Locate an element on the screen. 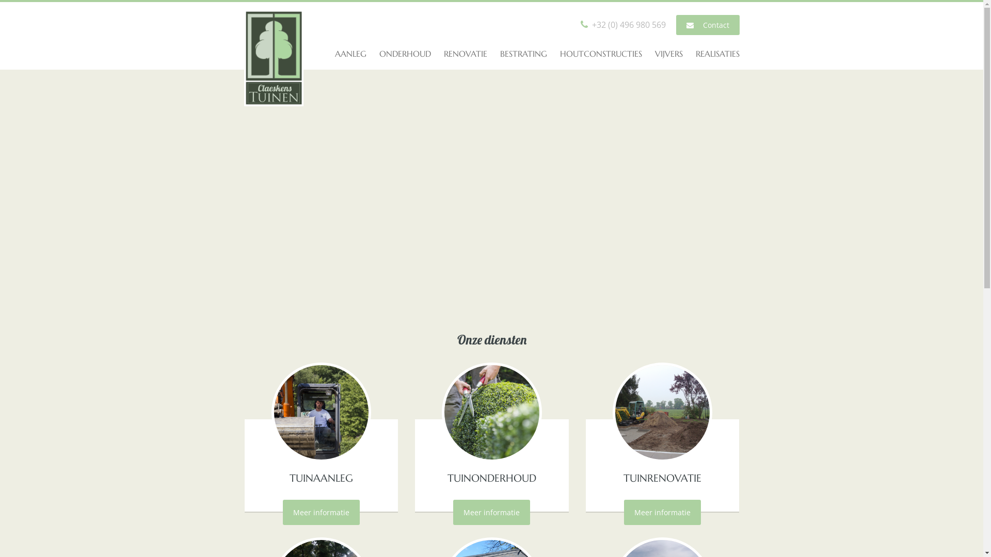  'VIJVERS' is located at coordinates (668, 54).